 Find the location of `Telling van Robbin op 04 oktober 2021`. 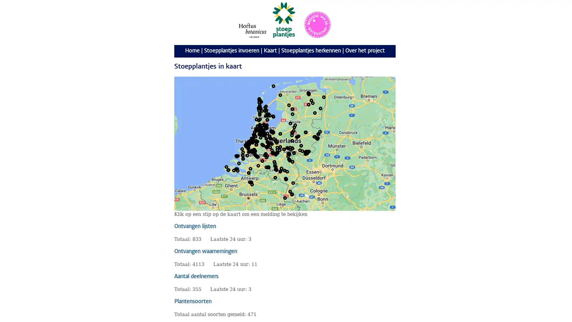

Telling van Robbin op 04 oktober 2021 is located at coordinates (318, 133).